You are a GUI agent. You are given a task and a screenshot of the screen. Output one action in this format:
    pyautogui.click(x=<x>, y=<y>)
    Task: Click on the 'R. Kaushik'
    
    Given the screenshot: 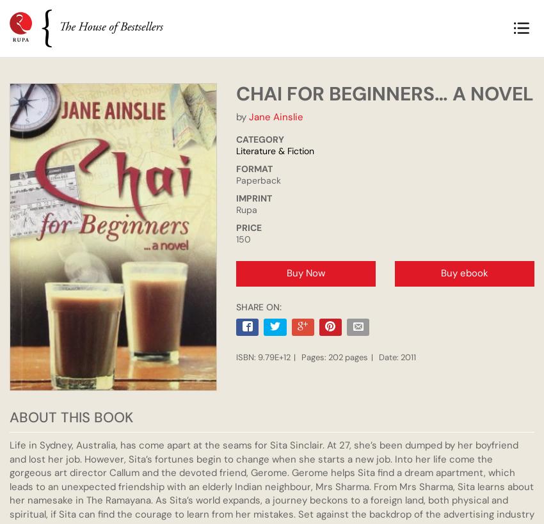 What is the action you would take?
    pyautogui.click(x=97, y=216)
    